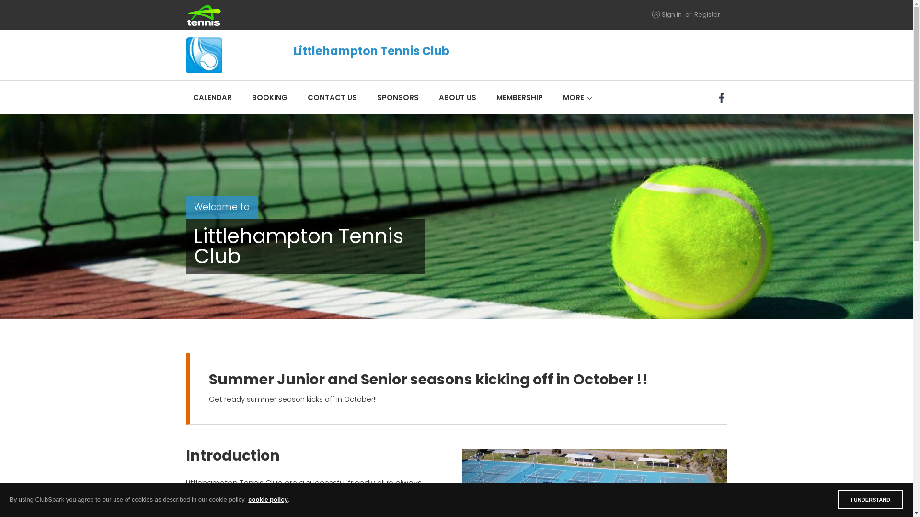 The image size is (920, 517). Describe the element at coordinates (871, 499) in the screenshot. I see `'I UNDERSTAND'` at that location.